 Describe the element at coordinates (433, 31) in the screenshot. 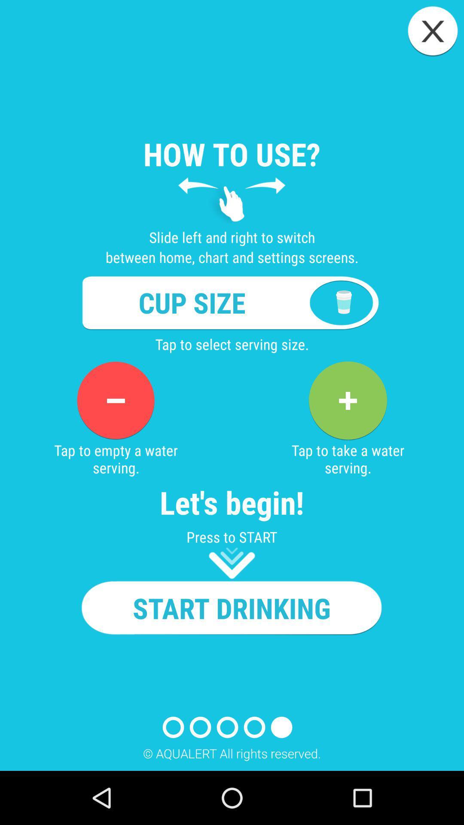

I see `screen` at that location.